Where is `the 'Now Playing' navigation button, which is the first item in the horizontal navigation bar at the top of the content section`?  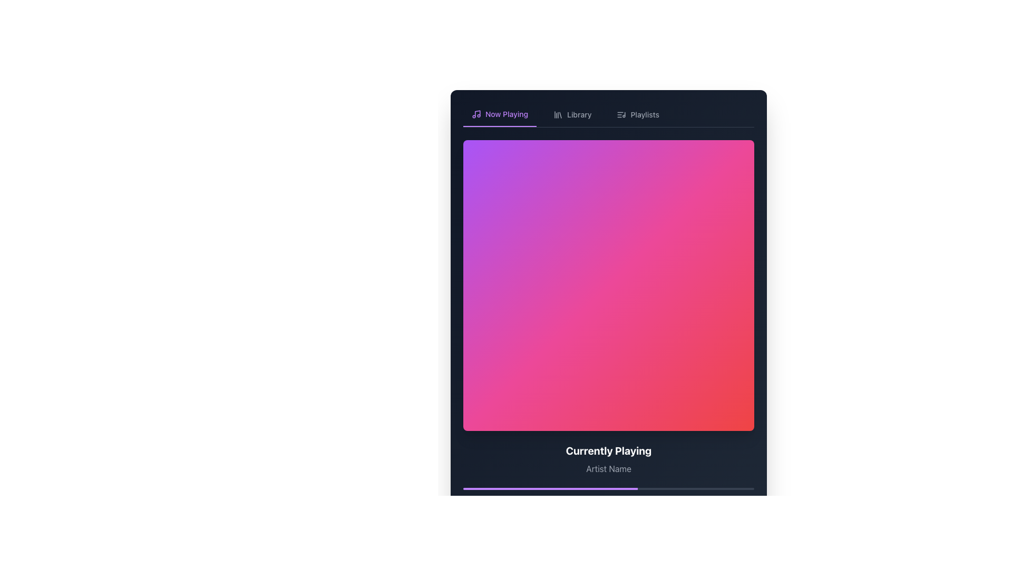
the 'Now Playing' navigation button, which is the first item in the horizontal navigation bar at the top of the content section is located at coordinates (499, 115).